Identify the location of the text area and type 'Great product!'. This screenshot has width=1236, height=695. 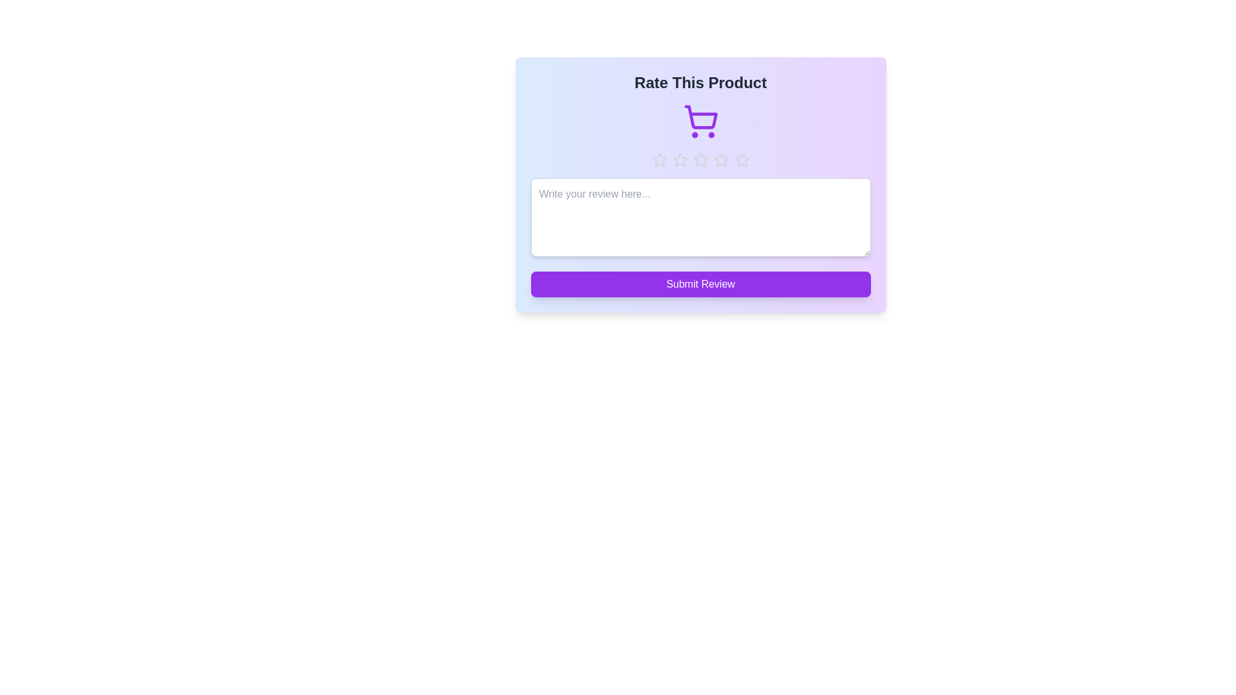
(700, 217).